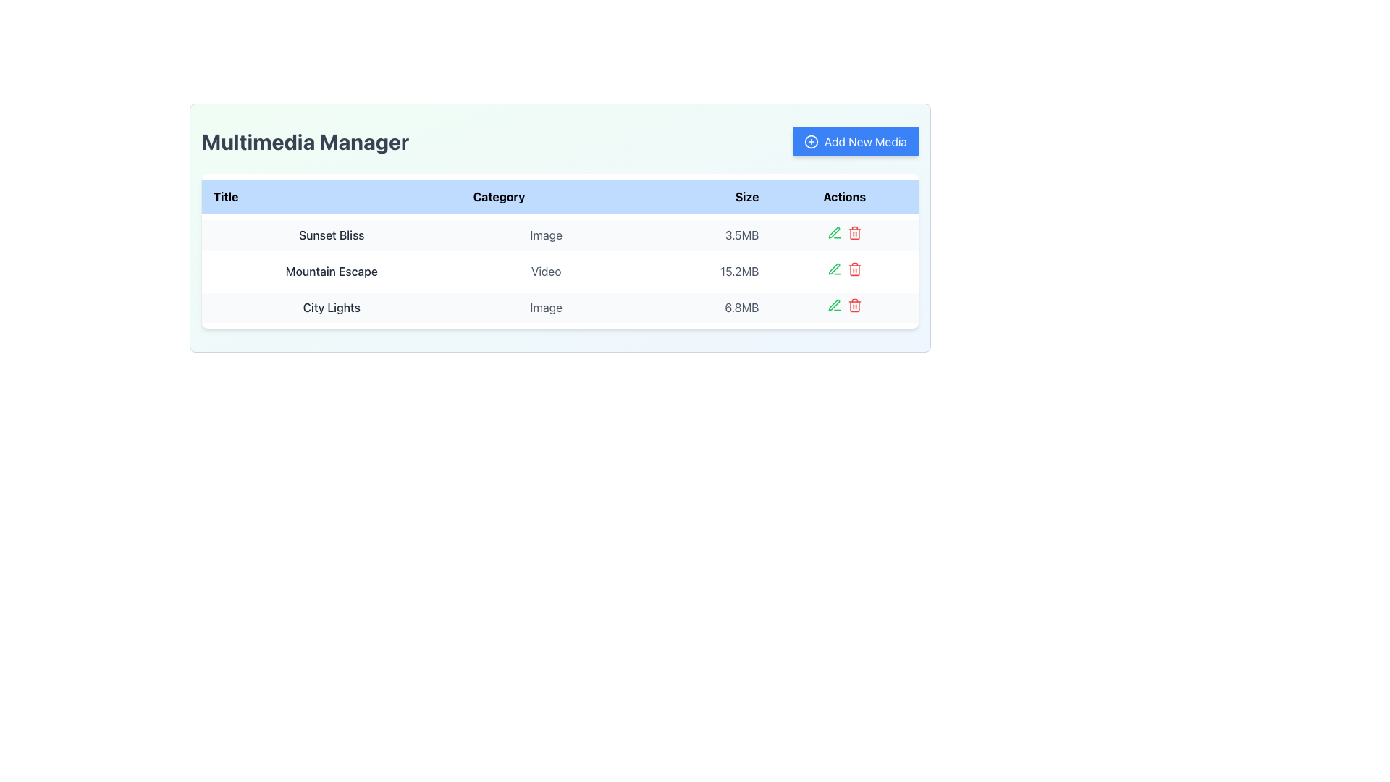  I want to click on the delete button in the 'Actions' column of the second row, associated with the entry titled 'Mountain Escape', so click(854, 269).